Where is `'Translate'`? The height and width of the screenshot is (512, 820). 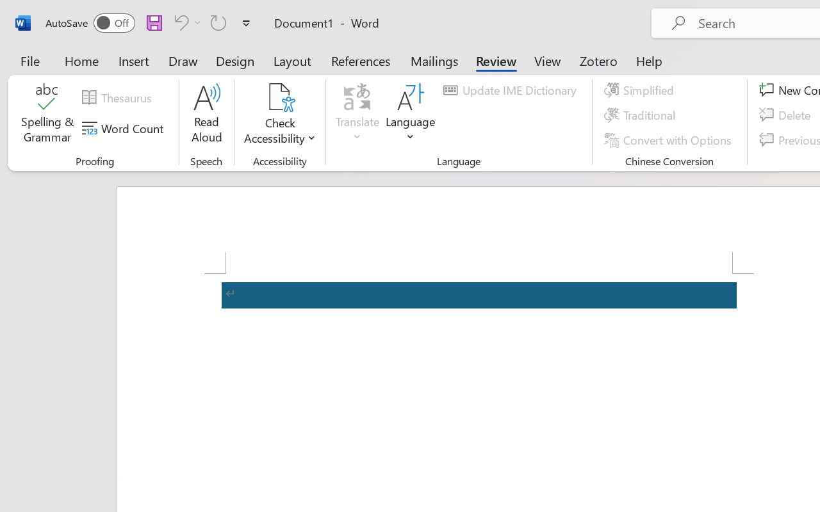 'Translate' is located at coordinates (357, 115).